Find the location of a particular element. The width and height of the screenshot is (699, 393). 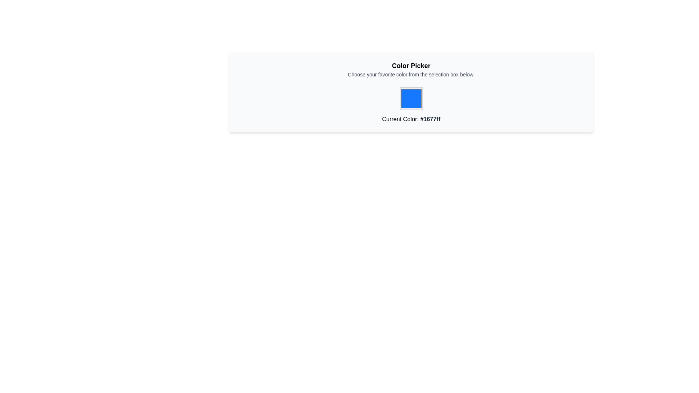

the Text label displaying the currently selected color code is located at coordinates (411, 116).